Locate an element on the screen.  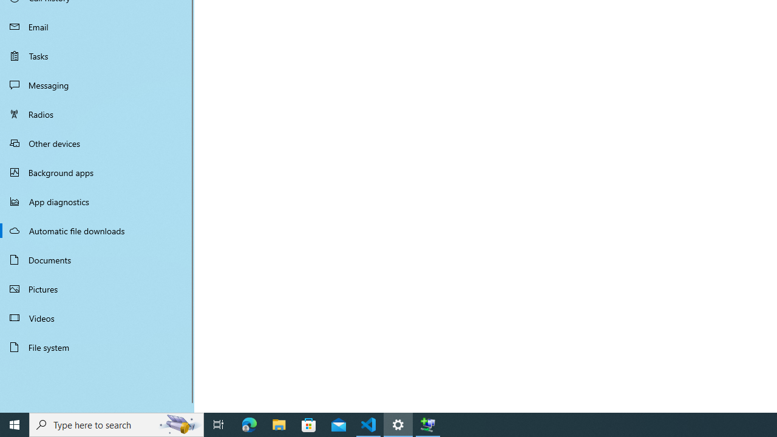
'Automatic file downloads' is located at coordinates (97, 230).